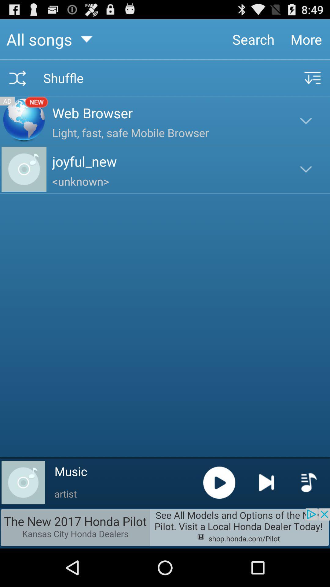  I want to click on the playlist icon, so click(309, 516).